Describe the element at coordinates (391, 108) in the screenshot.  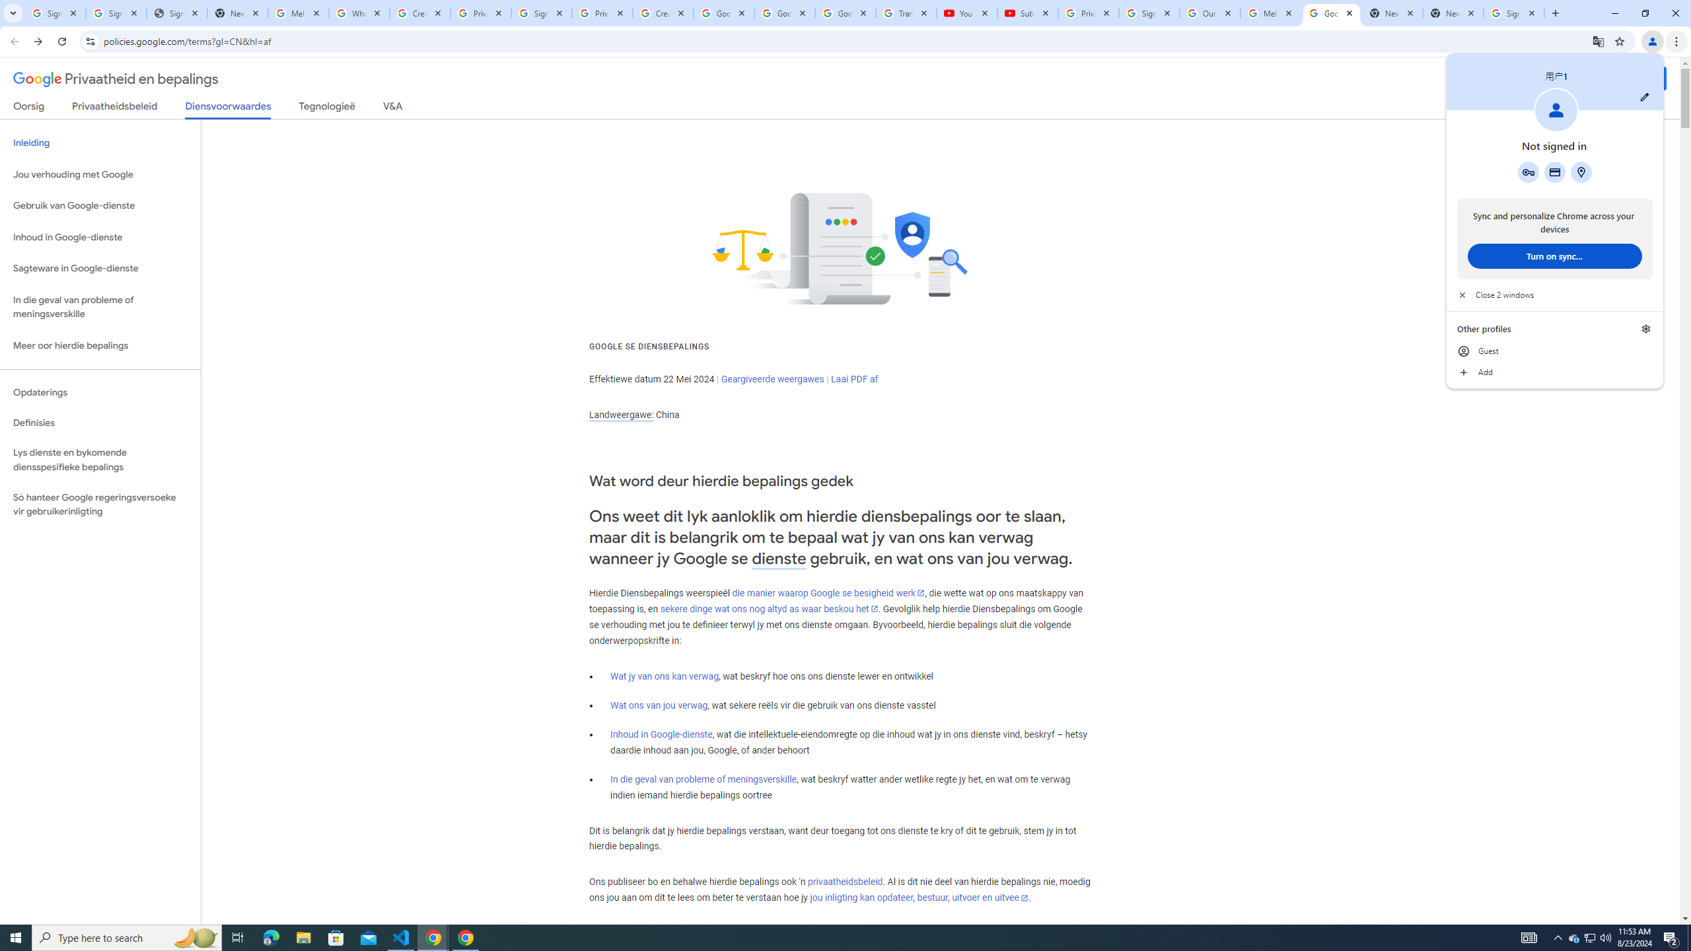
I see `'V&A'` at that location.